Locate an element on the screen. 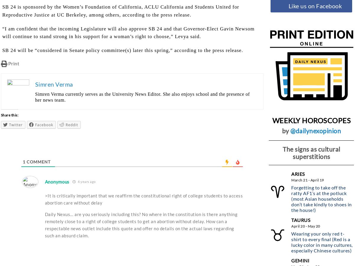 This screenshot has width=356, height=266. 'Comment' is located at coordinates (38, 161).